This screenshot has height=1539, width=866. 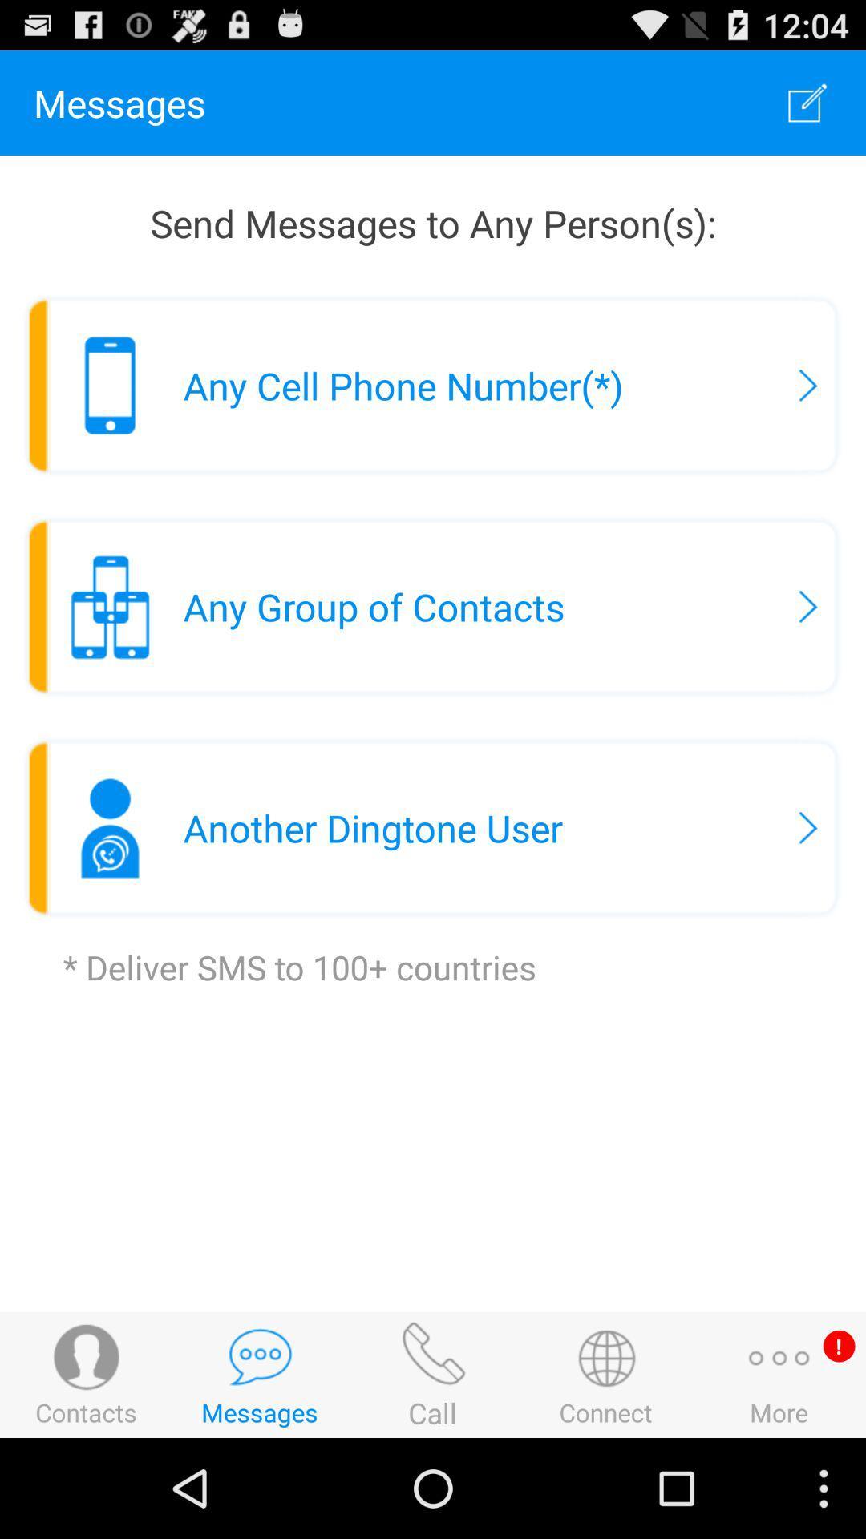 I want to click on app to the right of messages icon, so click(x=807, y=102).